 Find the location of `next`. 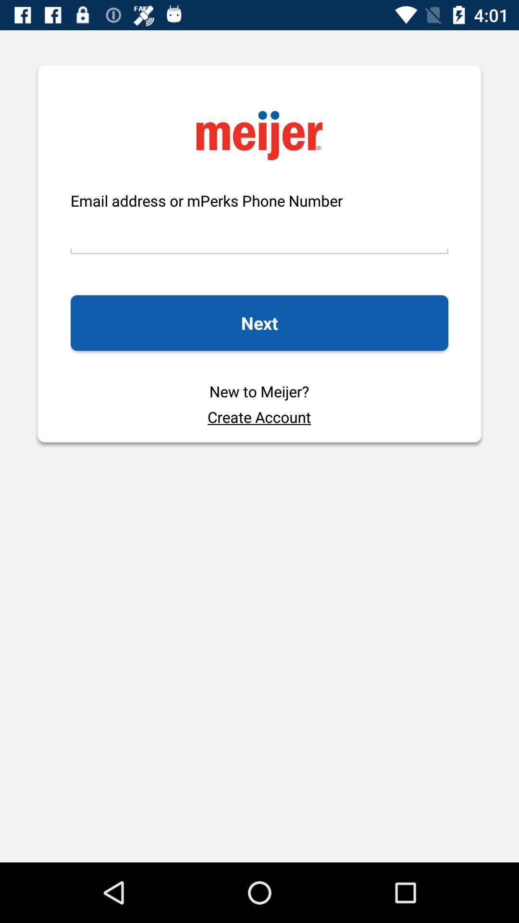

next is located at coordinates (259, 323).